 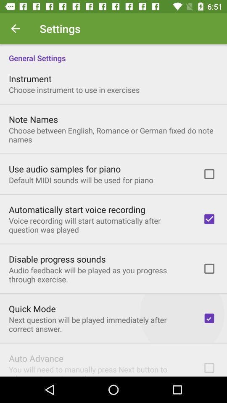 What do you see at coordinates (57, 259) in the screenshot?
I see `the icon below the voice recording will` at bounding box center [57, 259].